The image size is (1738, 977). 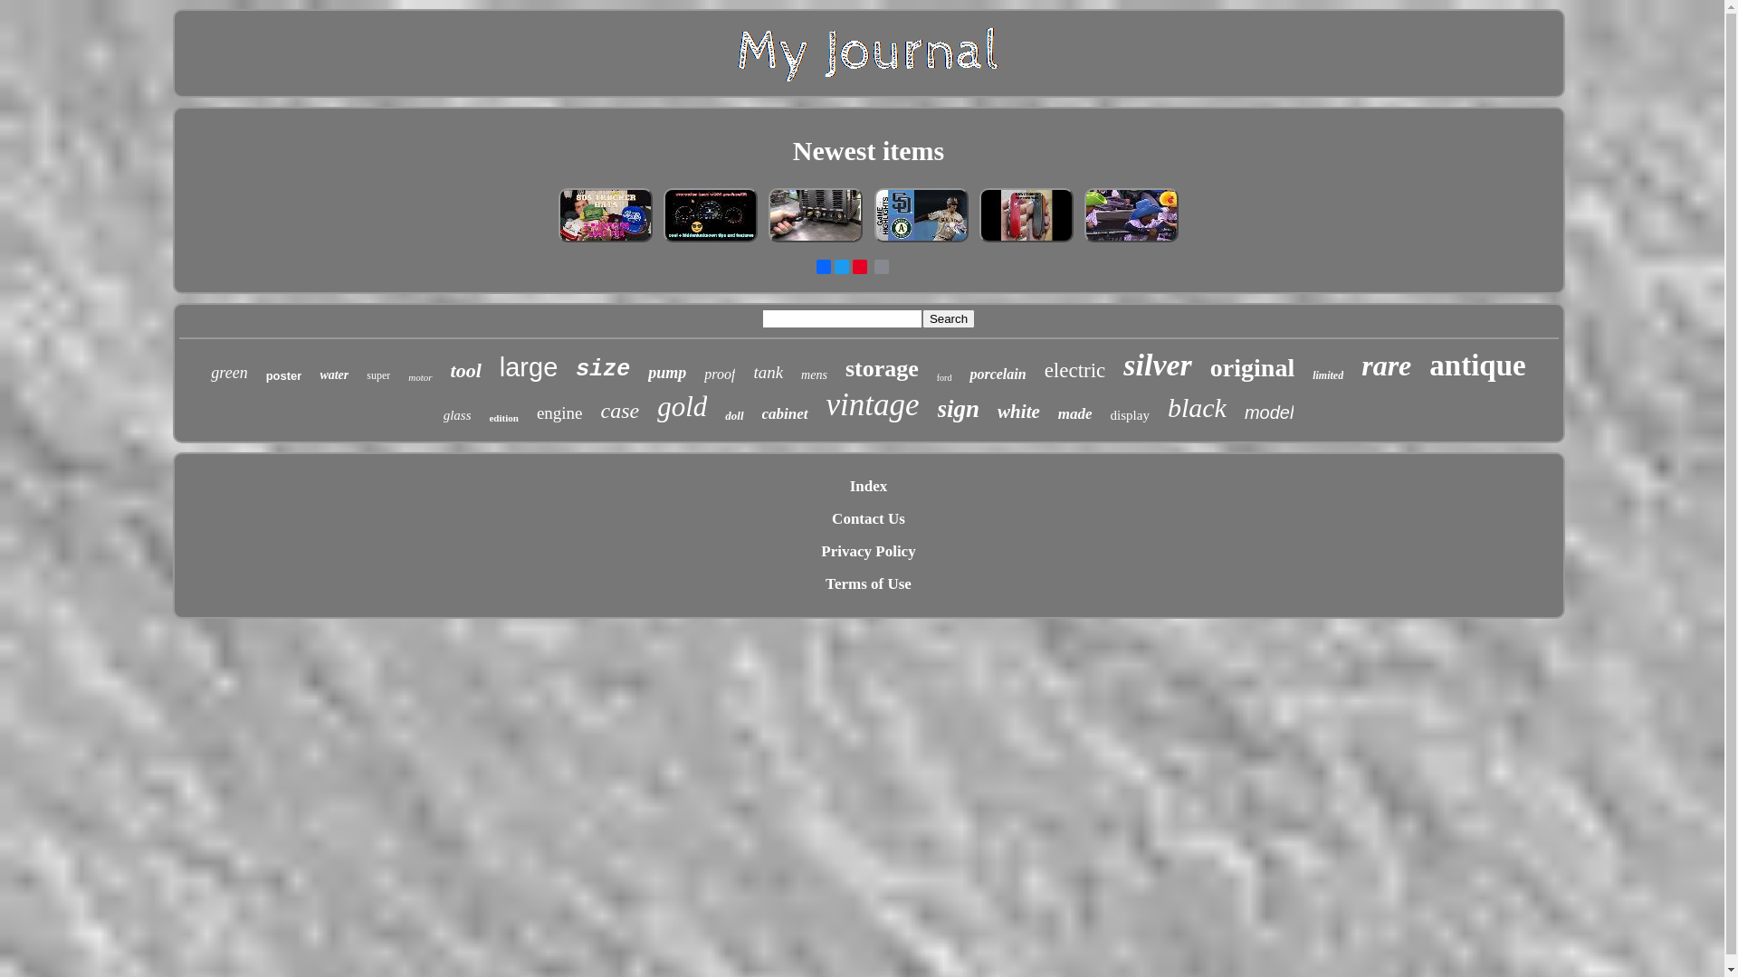 I want to click on 'proof', so click(x=702, y=373).